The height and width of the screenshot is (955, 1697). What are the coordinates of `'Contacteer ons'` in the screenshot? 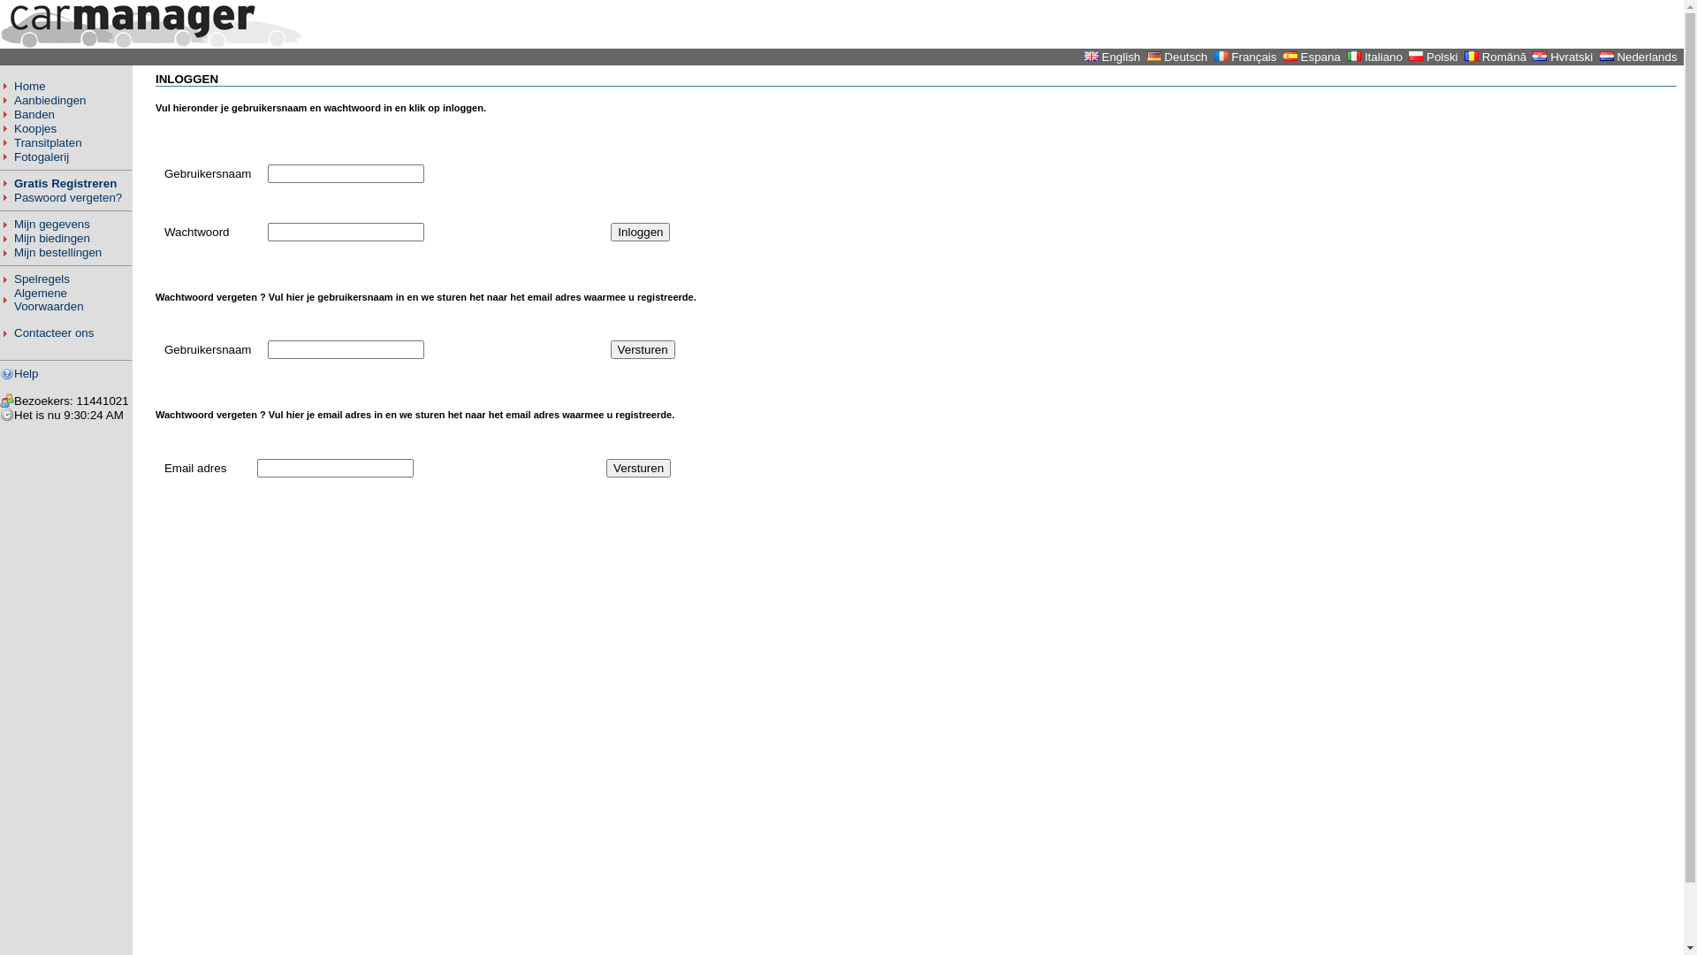 It's located at (54, 332).